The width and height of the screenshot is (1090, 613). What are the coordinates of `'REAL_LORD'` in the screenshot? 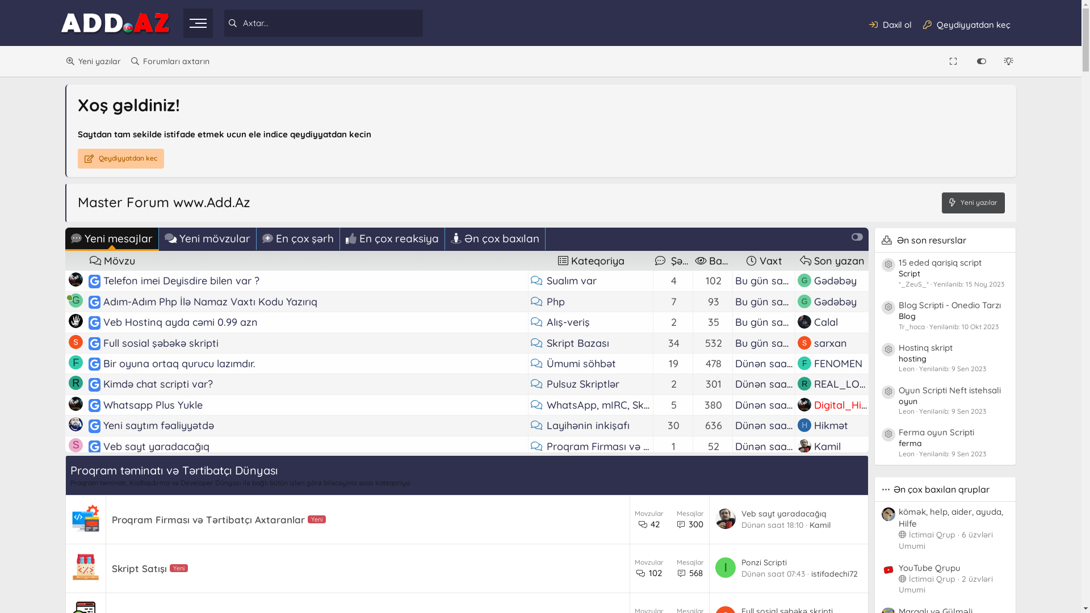 It's located at (844, 383).